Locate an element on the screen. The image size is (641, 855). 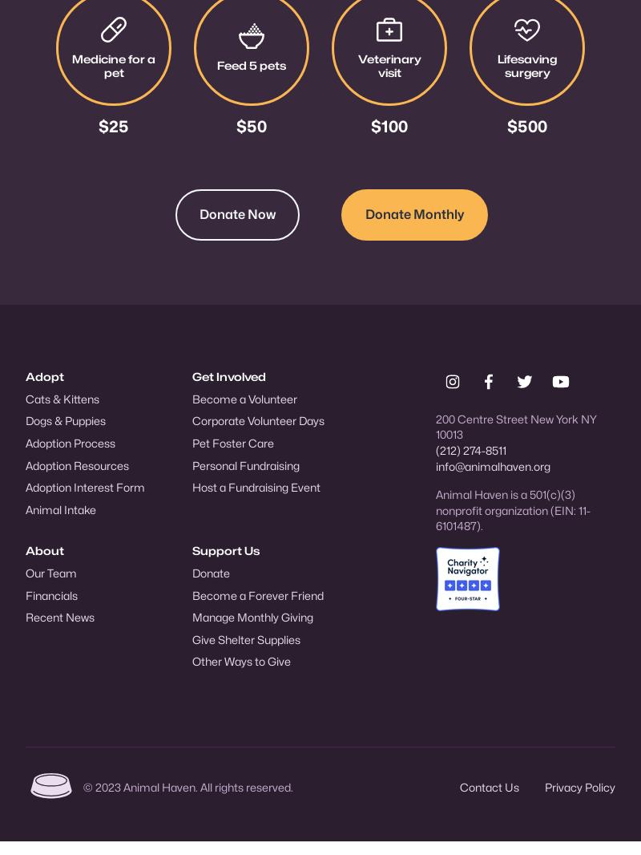
'Adoption Interest Form' is located at coordinates (26, 486).